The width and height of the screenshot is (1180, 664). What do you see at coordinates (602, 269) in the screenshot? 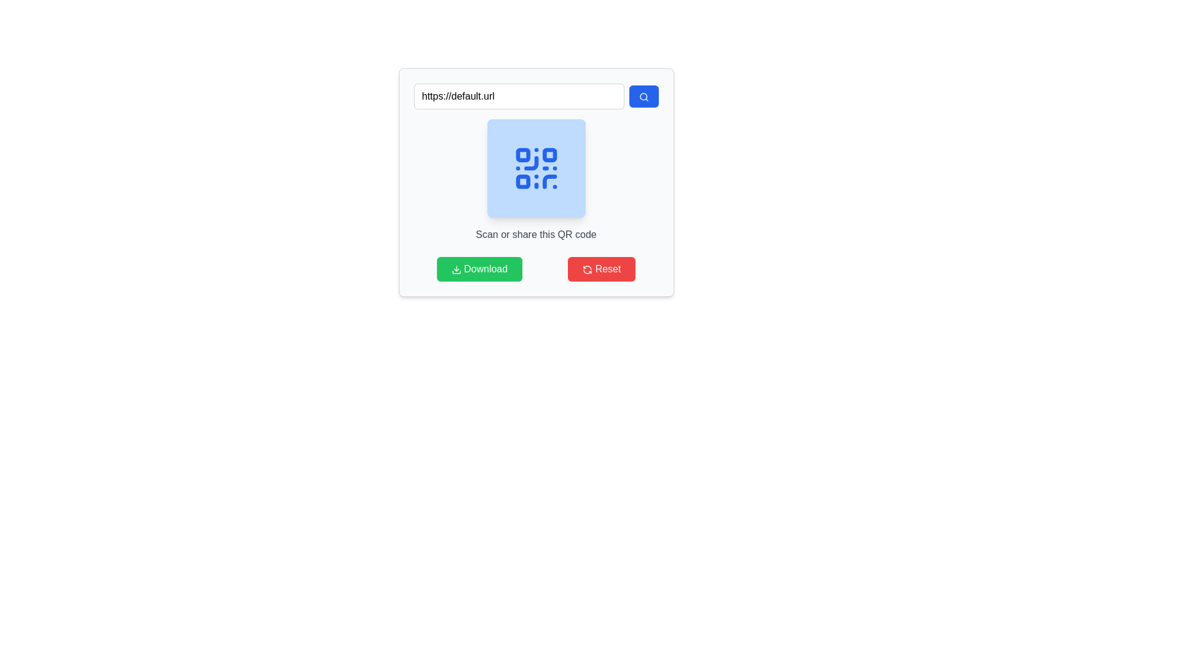
I see `the 'Reset' button with a red background, white text, and rounded corners` at bounding box center [602, 269].